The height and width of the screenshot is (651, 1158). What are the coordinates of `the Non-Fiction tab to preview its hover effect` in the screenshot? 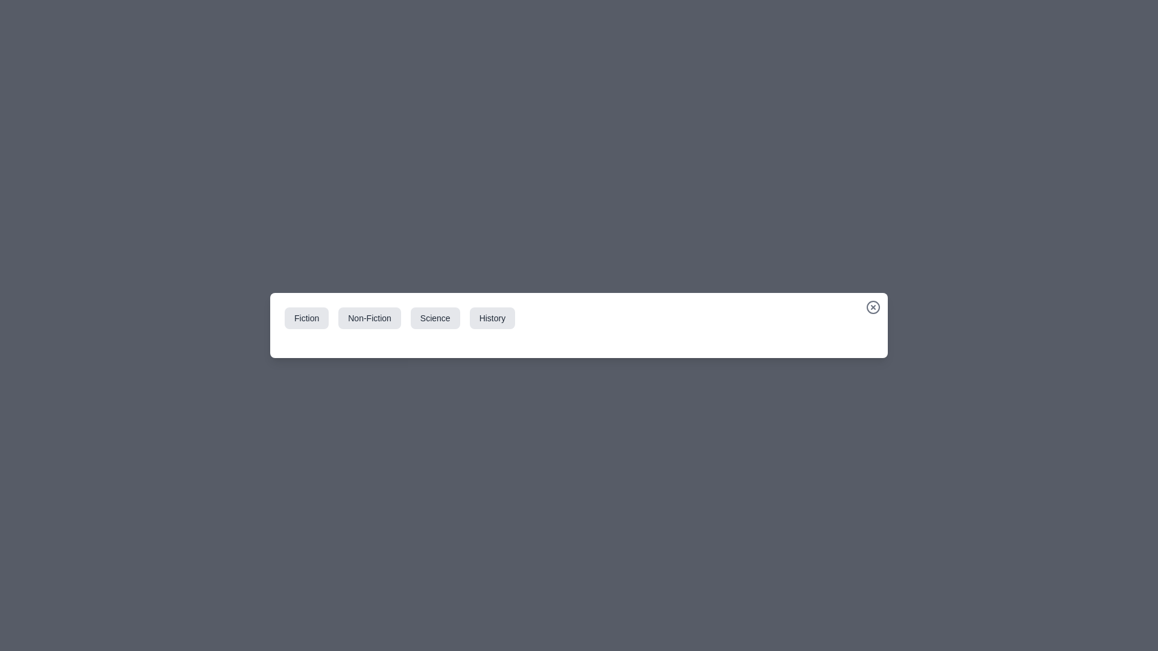 It's located at (369, 318).